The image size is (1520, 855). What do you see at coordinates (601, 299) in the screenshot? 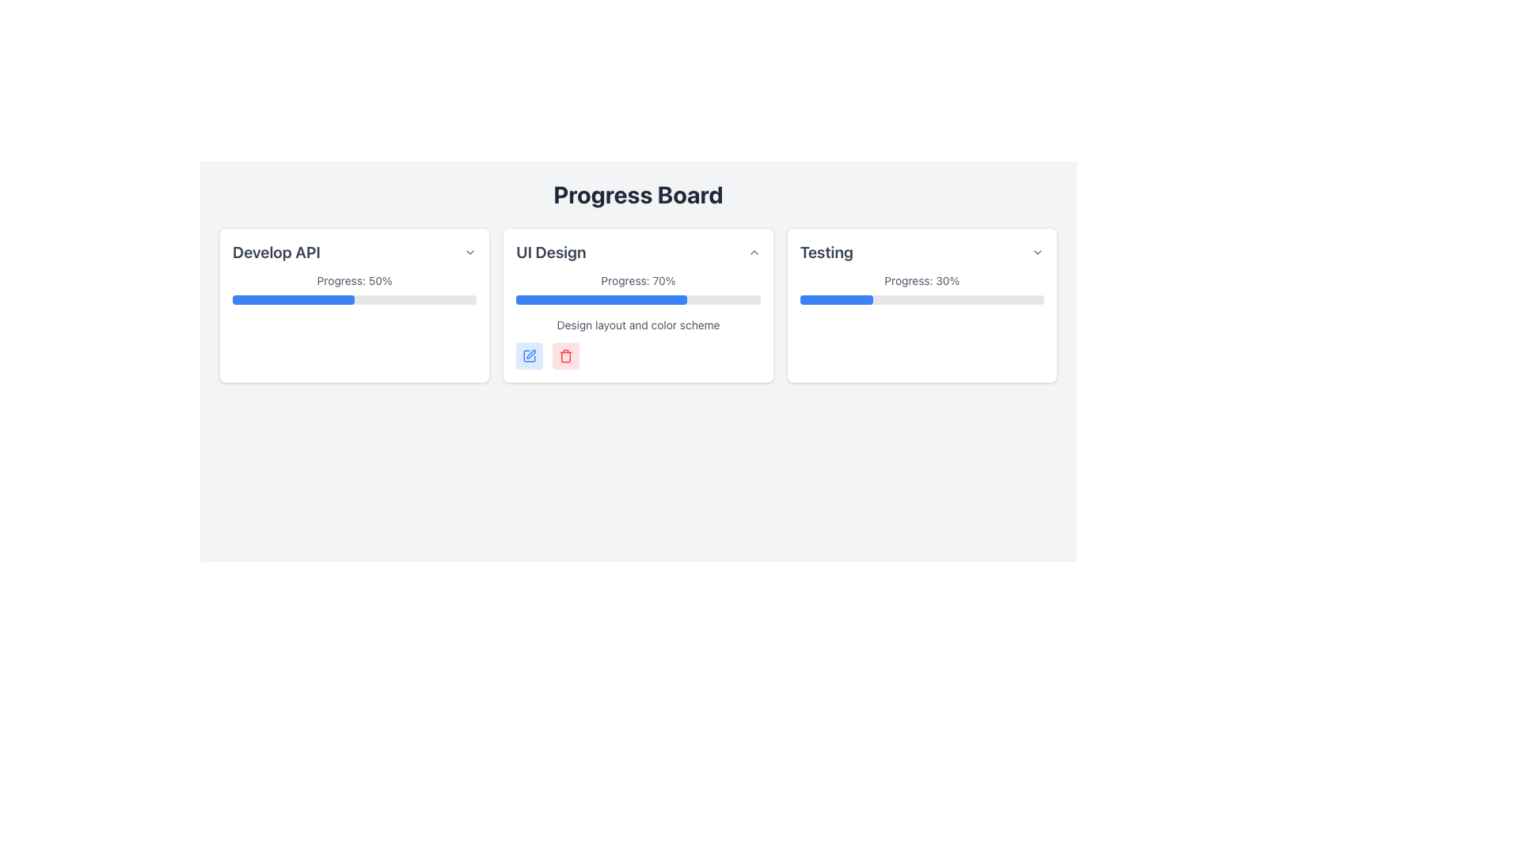
I see `the blue-filled segment of the progress bar within the 'UI Design' card, which indicates a progress percentage of 70%` at bounding box center [601, 299].